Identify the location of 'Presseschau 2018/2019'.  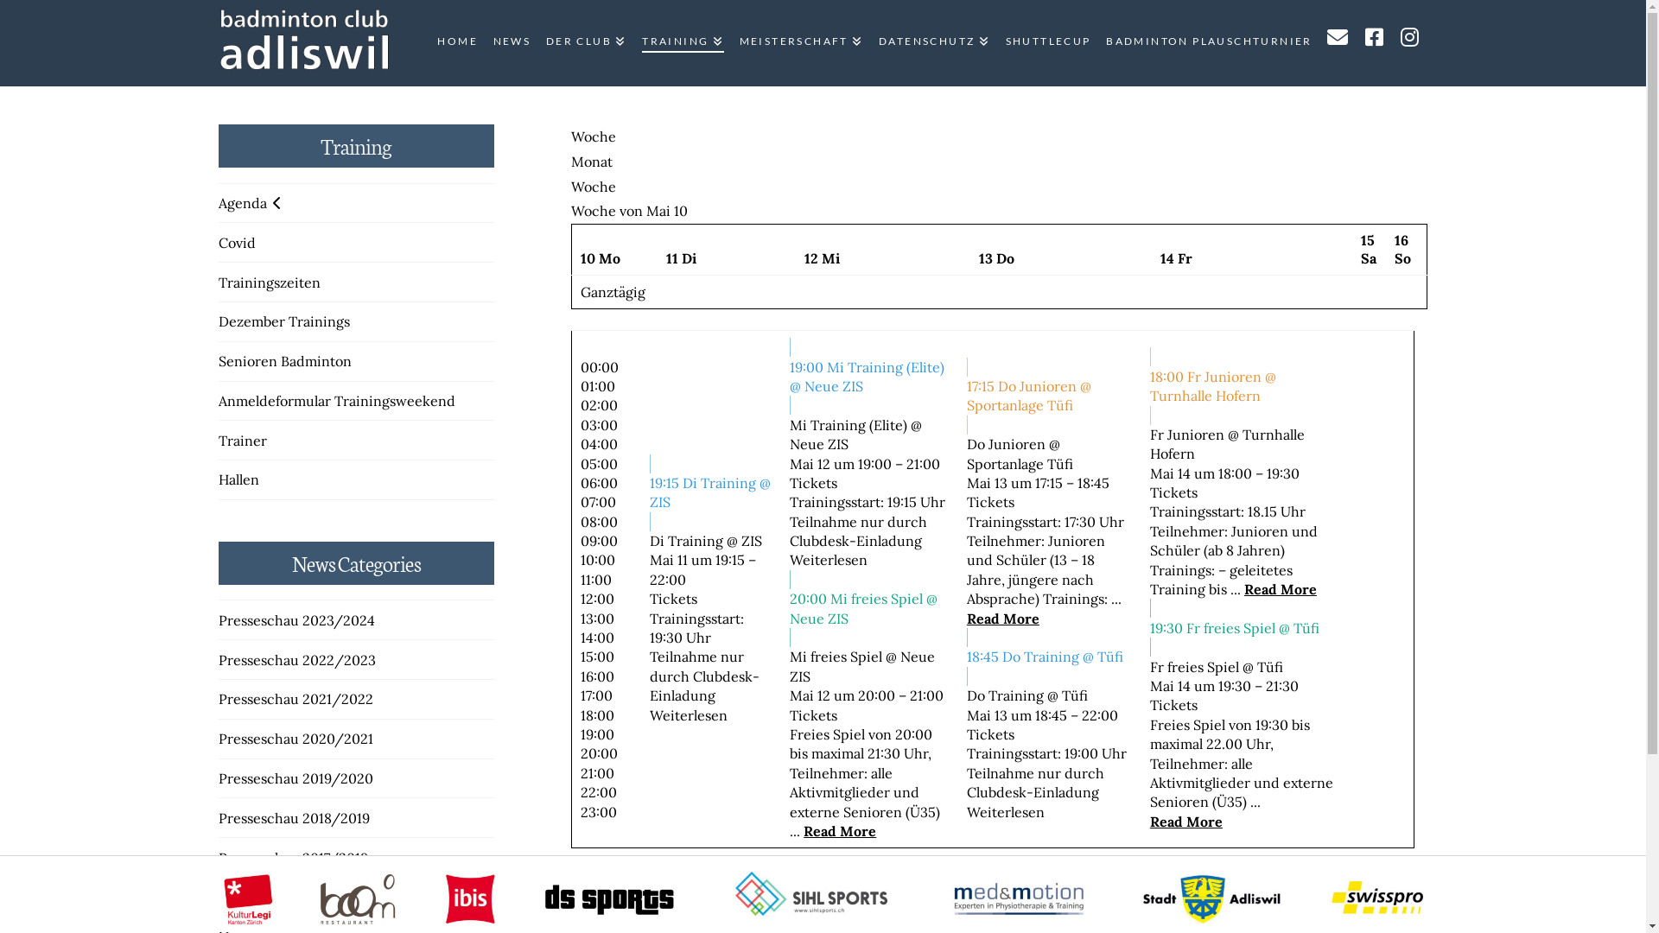
(293, 817).